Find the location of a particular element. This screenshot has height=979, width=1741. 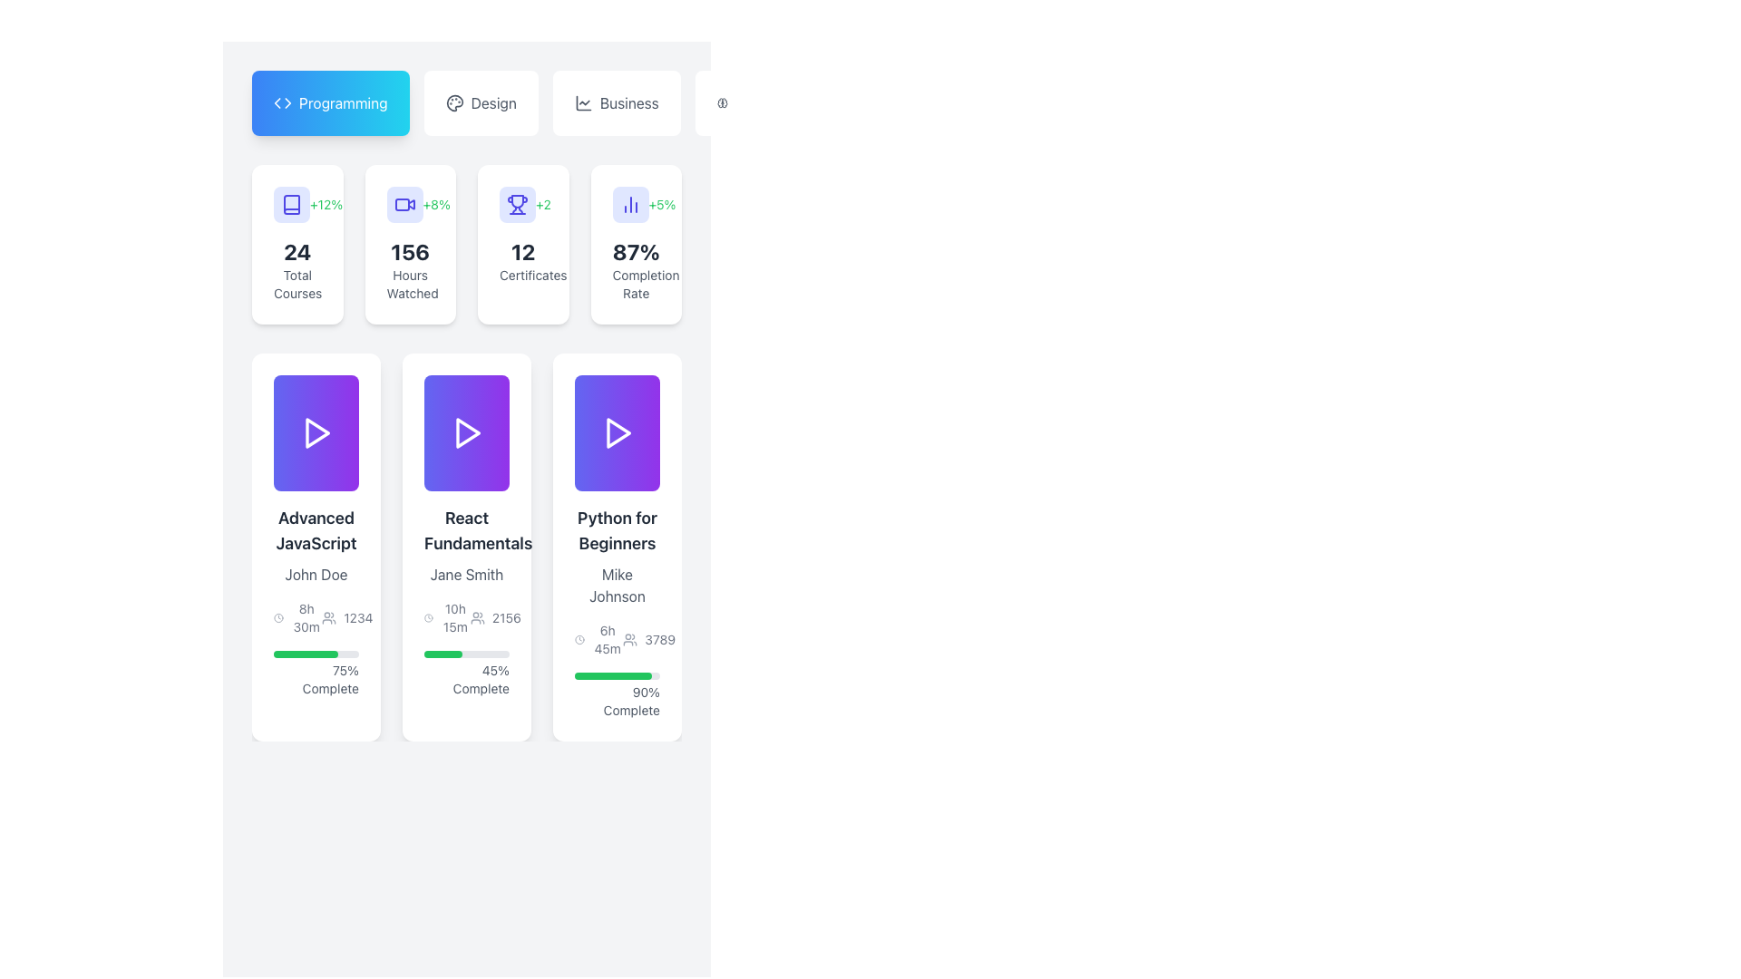

the icon representing '156 Hours Watched', which is located in the center of a card in the top row of widgets, positioned between the 'Total Courses' card and the 'Certificates' card is located at coordinates (404, 204).